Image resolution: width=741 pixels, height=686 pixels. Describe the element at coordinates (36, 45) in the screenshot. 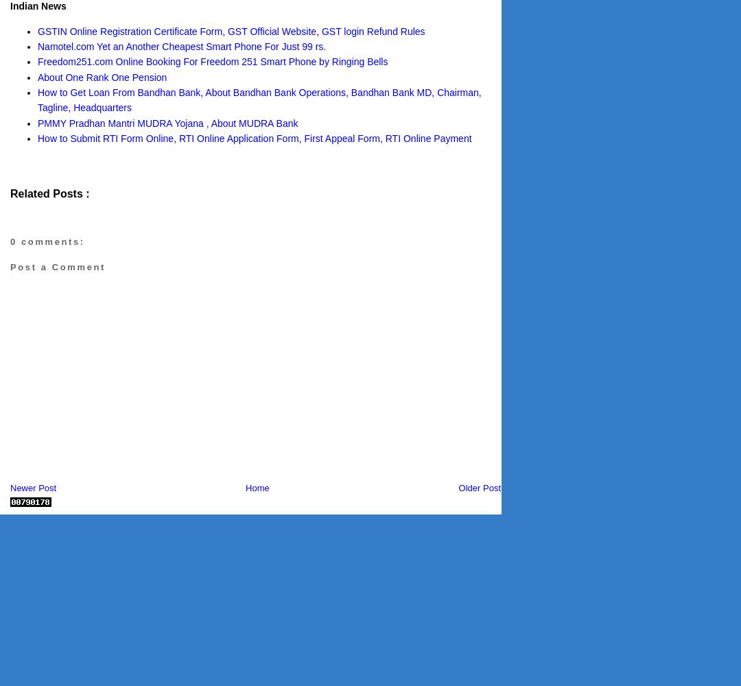

I see `'Namotel.com Yet an Another Cheapest Smart Phone For Just 99 rs.'` at that location.